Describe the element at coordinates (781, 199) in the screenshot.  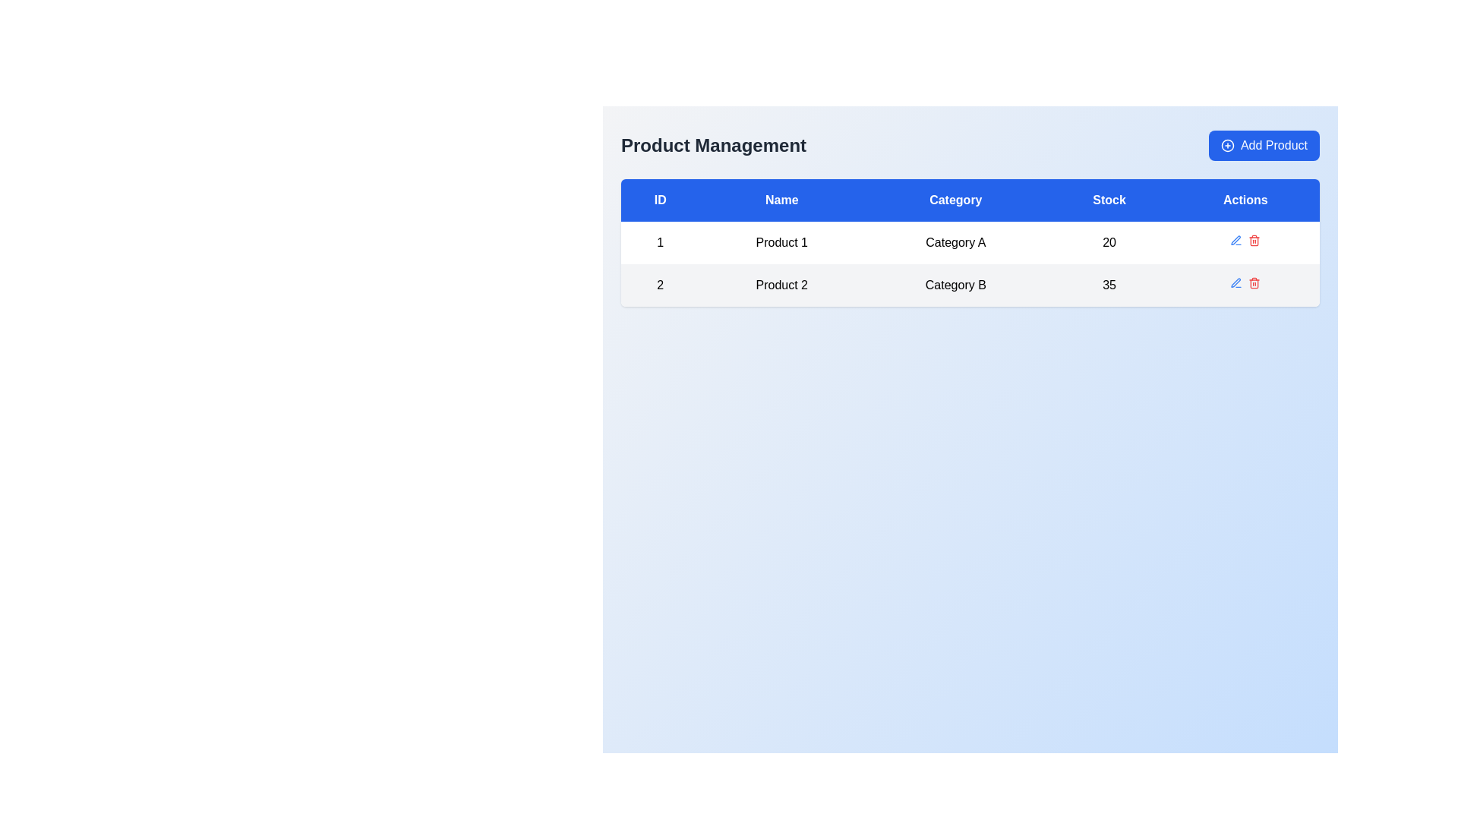
I see `the Table Header Cell with a blue background and centered white text reading 'Name', located in the second column of the table header row` at that location.